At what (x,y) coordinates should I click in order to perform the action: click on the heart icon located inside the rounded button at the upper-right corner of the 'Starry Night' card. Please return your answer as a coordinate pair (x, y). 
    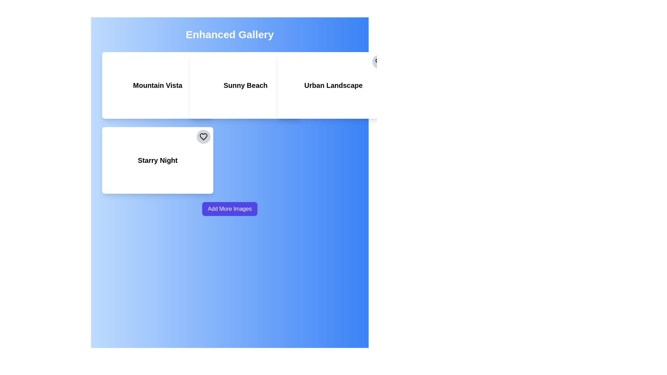
    Looking at the image, I should click on (203, 136).